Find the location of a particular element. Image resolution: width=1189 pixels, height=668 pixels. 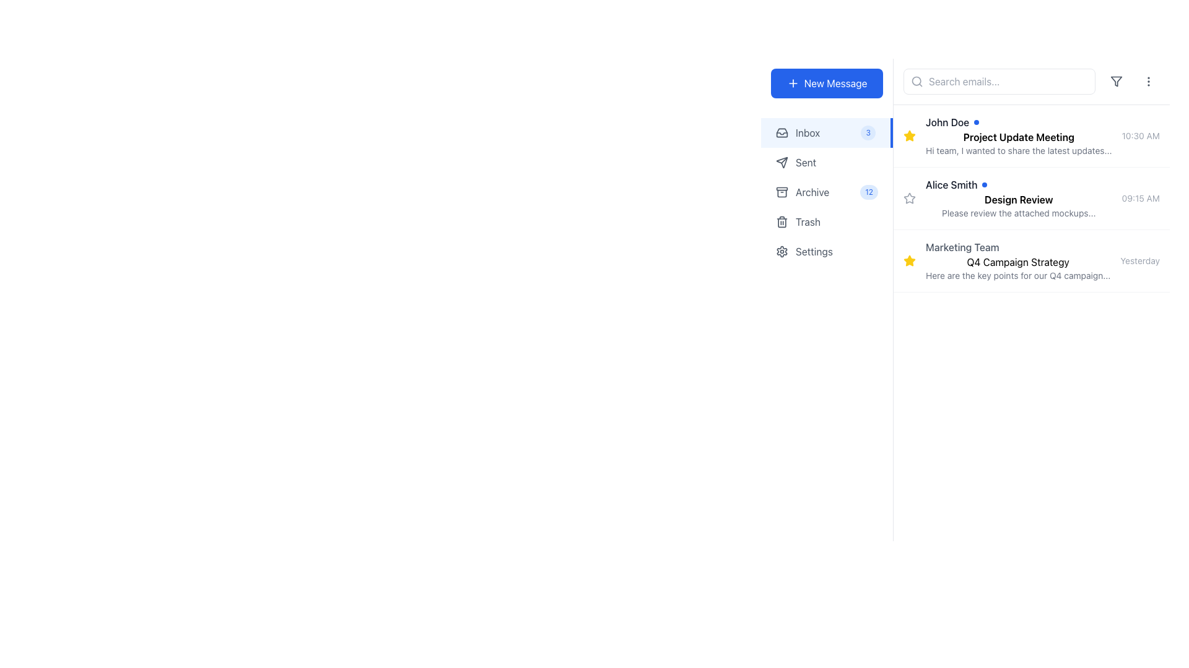

the 'Marketing Team' text label, which indicates the sender's name for the third email entry in the list, positioned above the subject line 'Q4 Campaign Strategy' is located at coordinates (962, 247).